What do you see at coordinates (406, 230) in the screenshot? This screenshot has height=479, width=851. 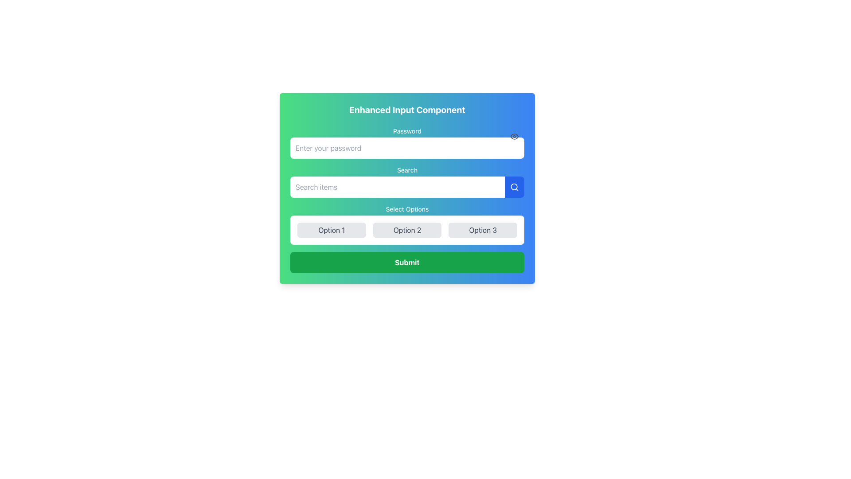 I see `the 'Option 2' button, which is a rectangular button with rounded corners displaying dark gray text on a light gray background, located beneath the 'Select Options' label` at bounding box center [406, 230].